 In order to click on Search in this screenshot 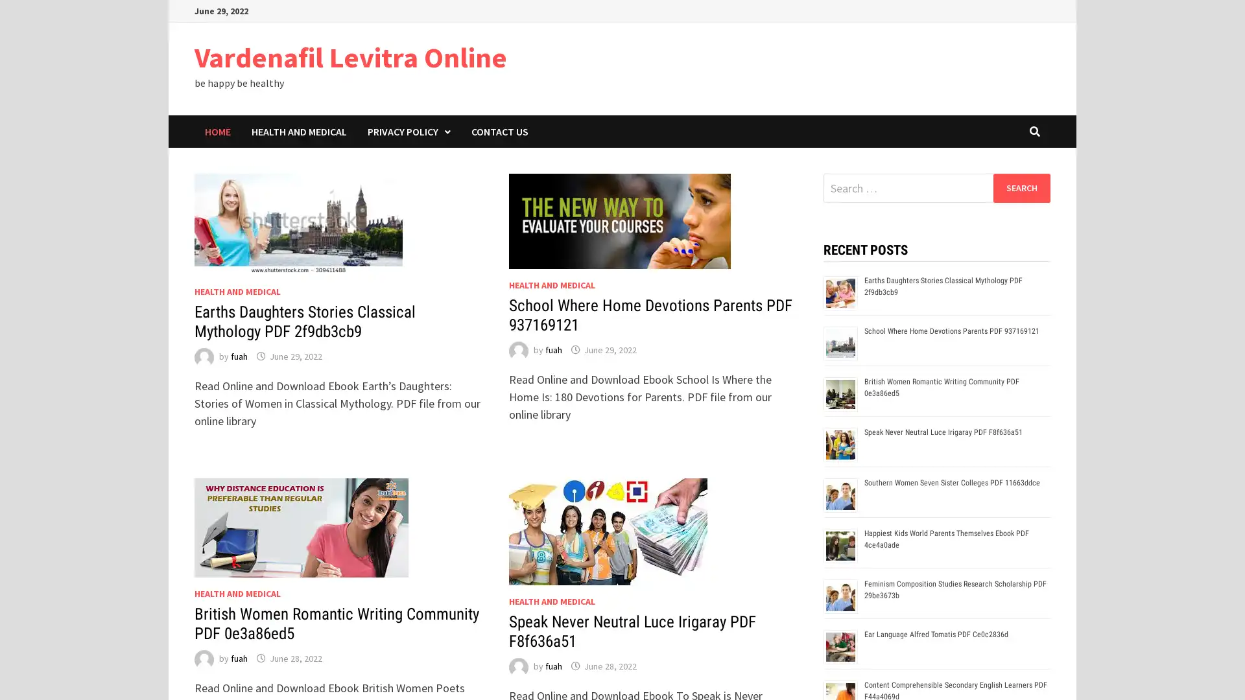, I will do `click(1021, 187)`.